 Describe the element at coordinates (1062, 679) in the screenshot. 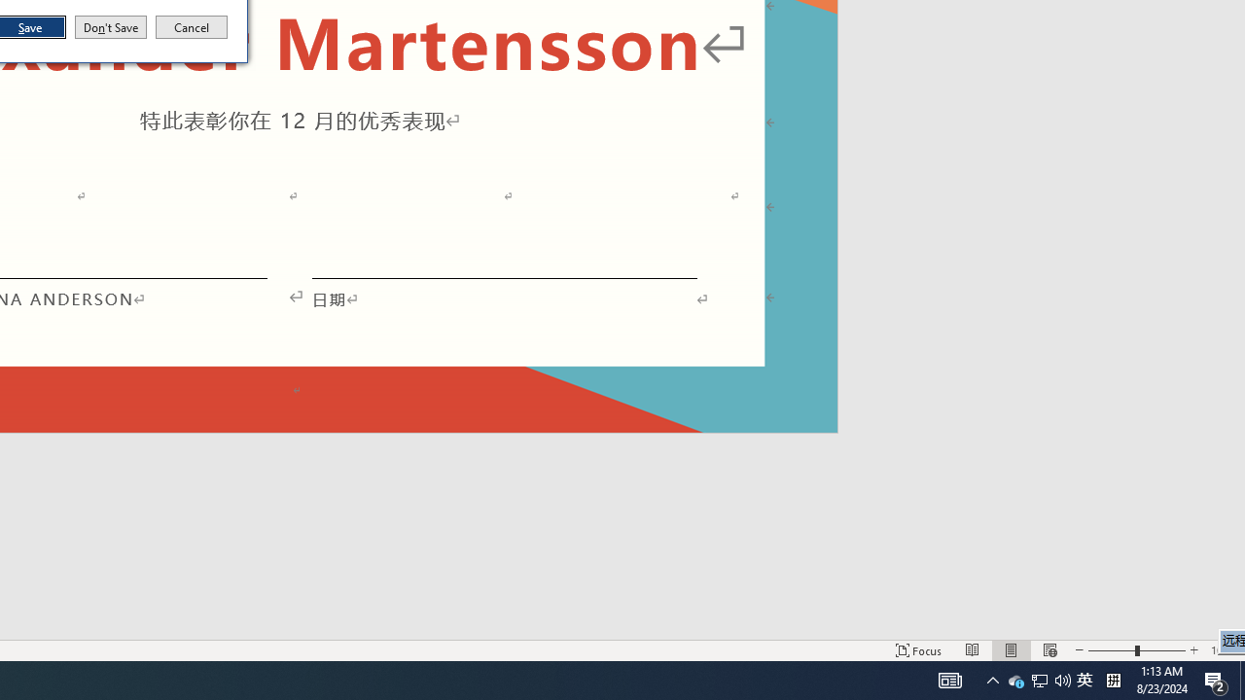

I see `'Q2790: 100%'` at that location.